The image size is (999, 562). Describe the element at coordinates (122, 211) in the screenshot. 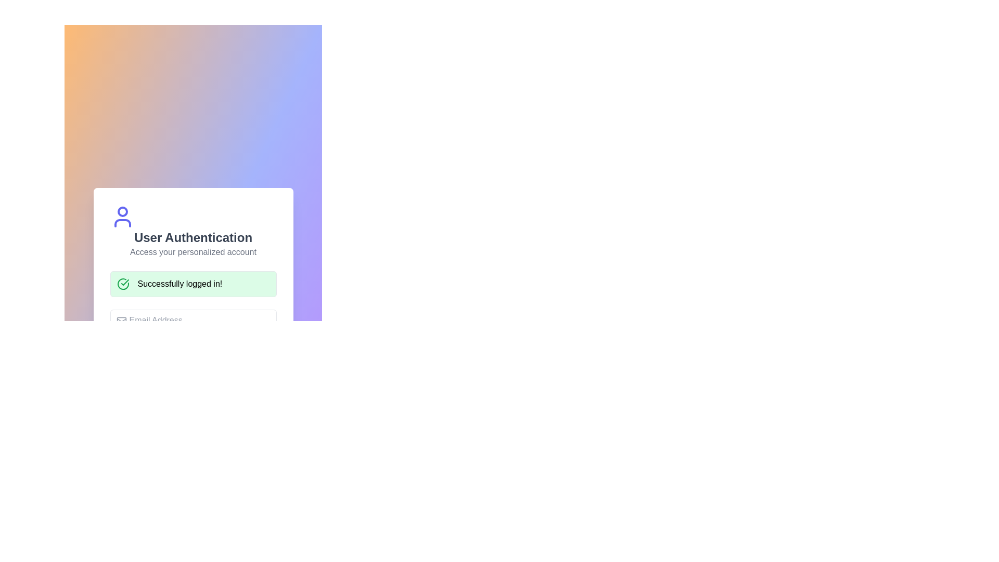

I see `the decorative Circle that forms the head of the user icon within the SVG graphic` at that location.